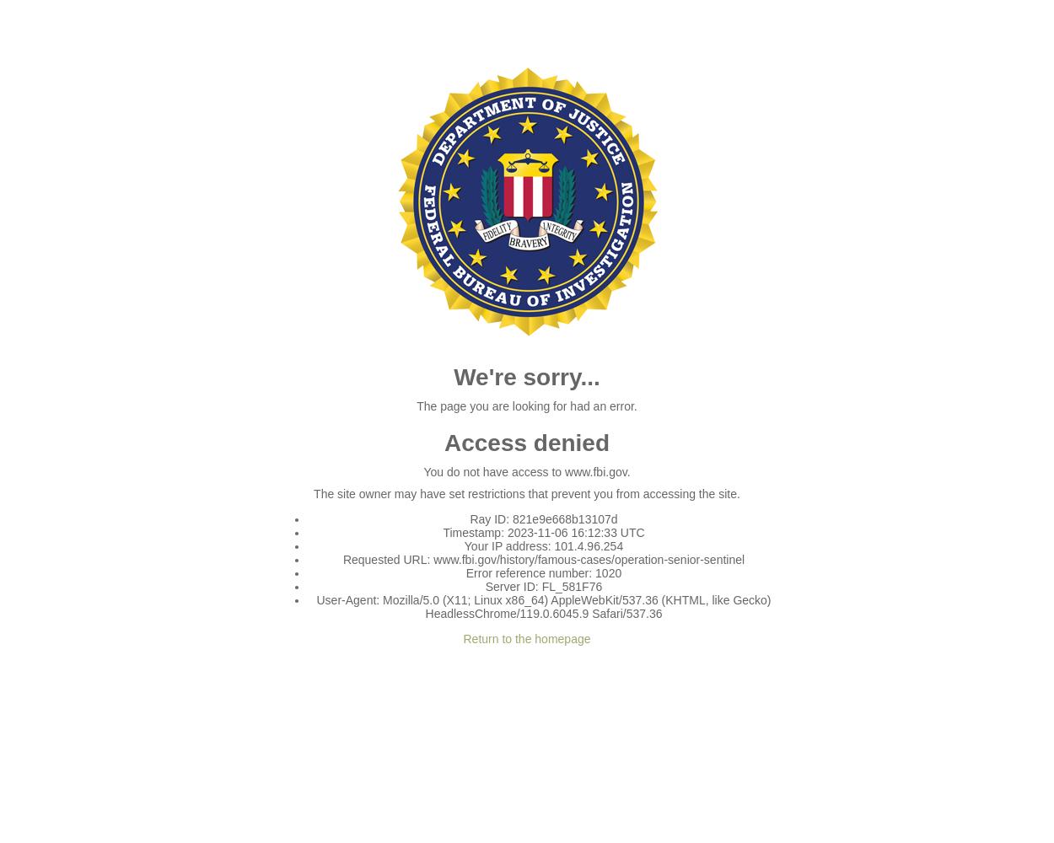 The width and height of the screenshot is (1054, 843). Describe the element at coordinates (543, 533) in the screenshot. I see `'Timestamp: 2023-11-06 16:12:33 UTC'` at that location.